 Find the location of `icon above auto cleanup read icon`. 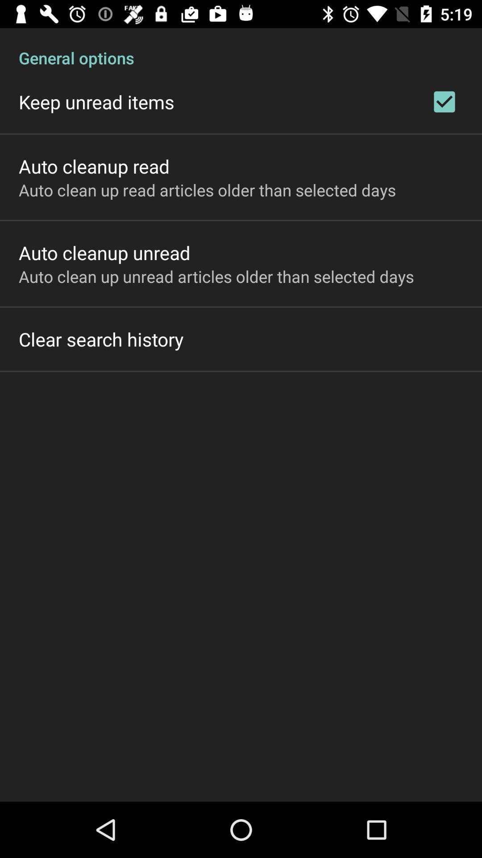

icon above auto cleanup read icon is located at coordinates (96, 102).